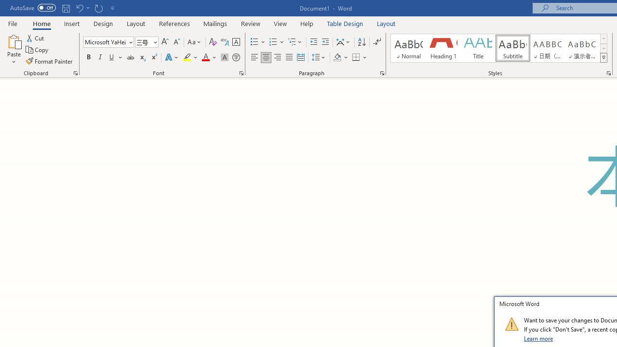 This screenshot has height=347, width=617. I want to click on 'Office Clipboard...', so click(75, 72).